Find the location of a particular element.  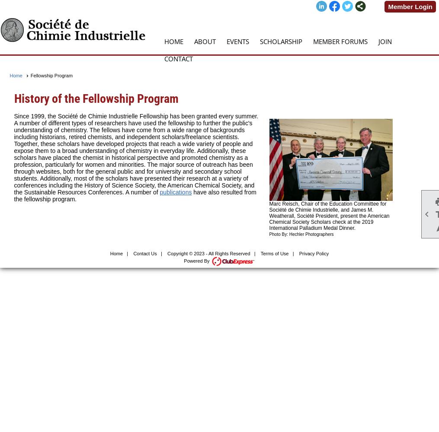

'Powered By' is located at coordinates (197, 260).